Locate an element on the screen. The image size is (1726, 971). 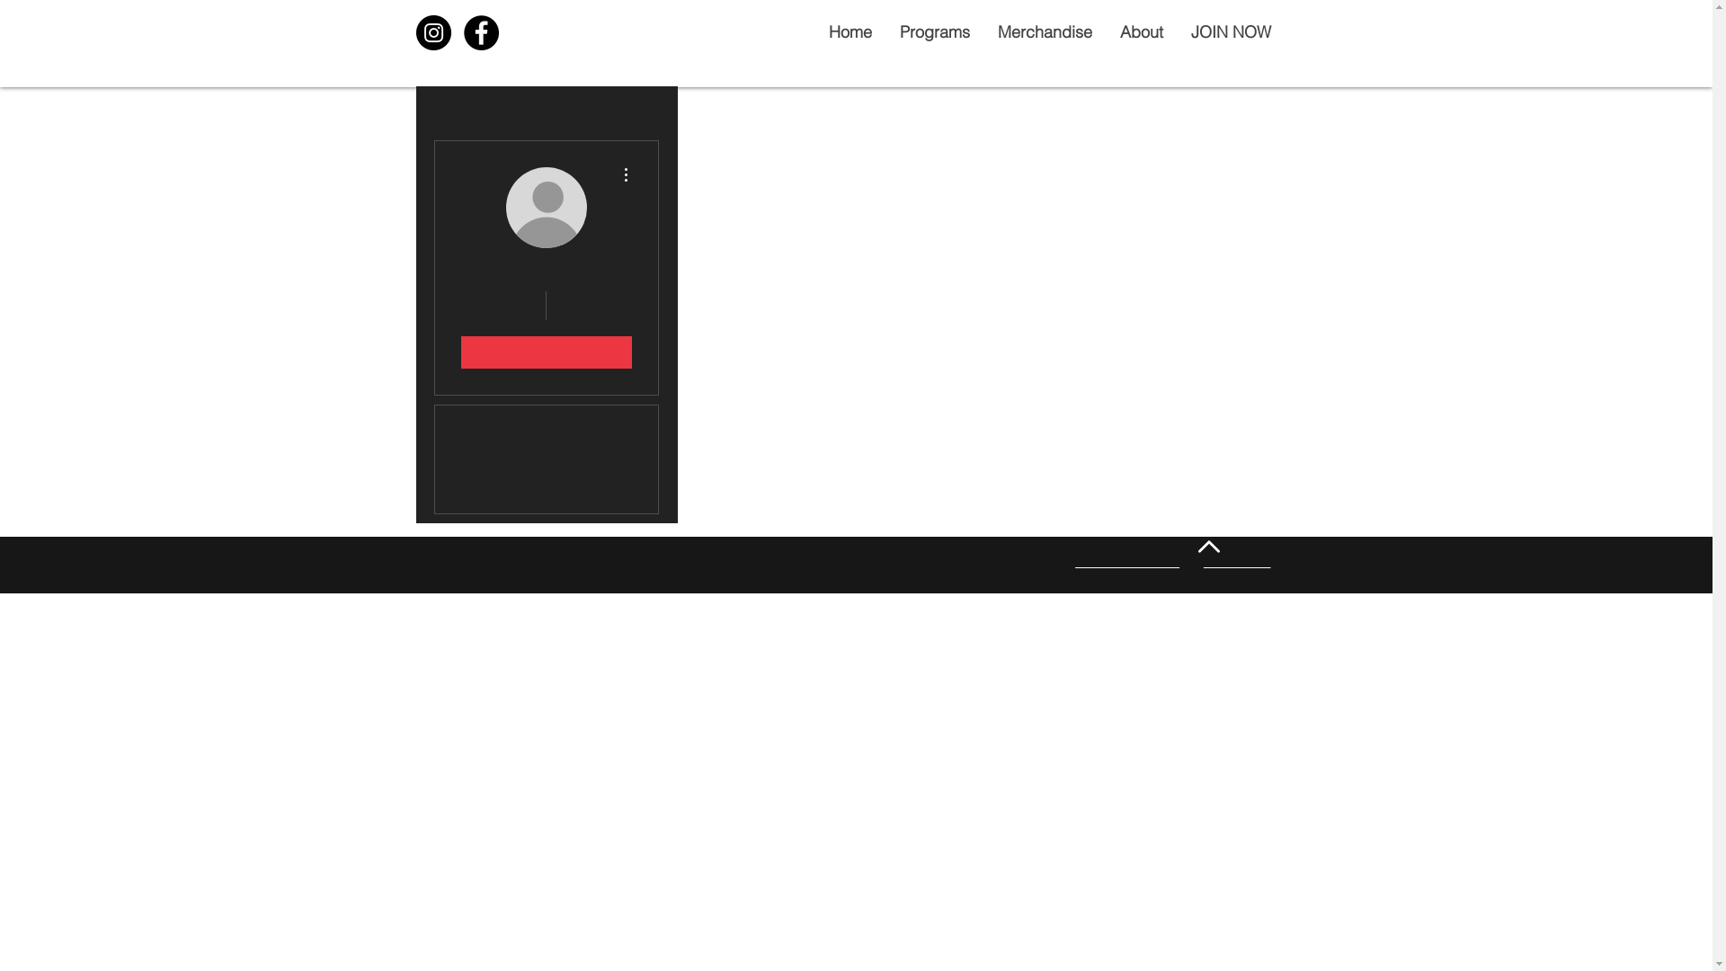
'Follow' is located at coordinates (544, 352).